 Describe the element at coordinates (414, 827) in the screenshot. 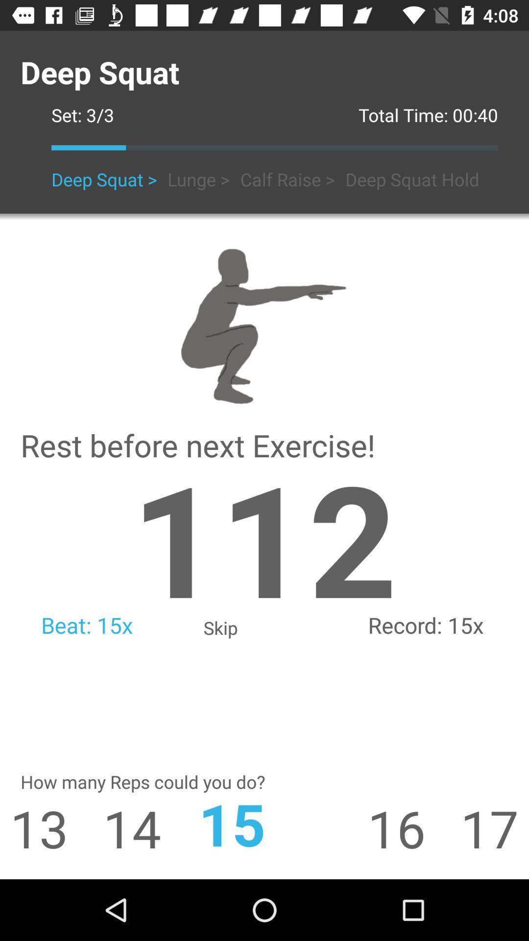

I see `icon next to 17 icon` at that location.